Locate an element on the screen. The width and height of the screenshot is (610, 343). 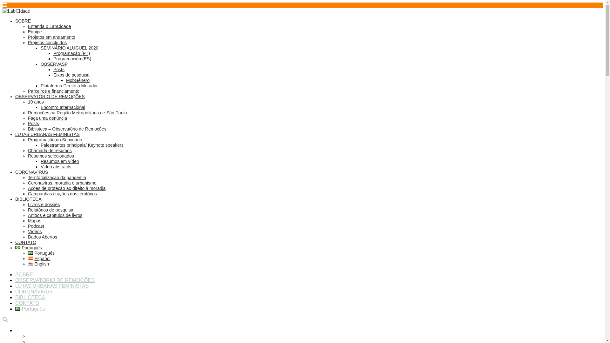
'Parceiros e financiamento' is located at coordinates (53, 91).